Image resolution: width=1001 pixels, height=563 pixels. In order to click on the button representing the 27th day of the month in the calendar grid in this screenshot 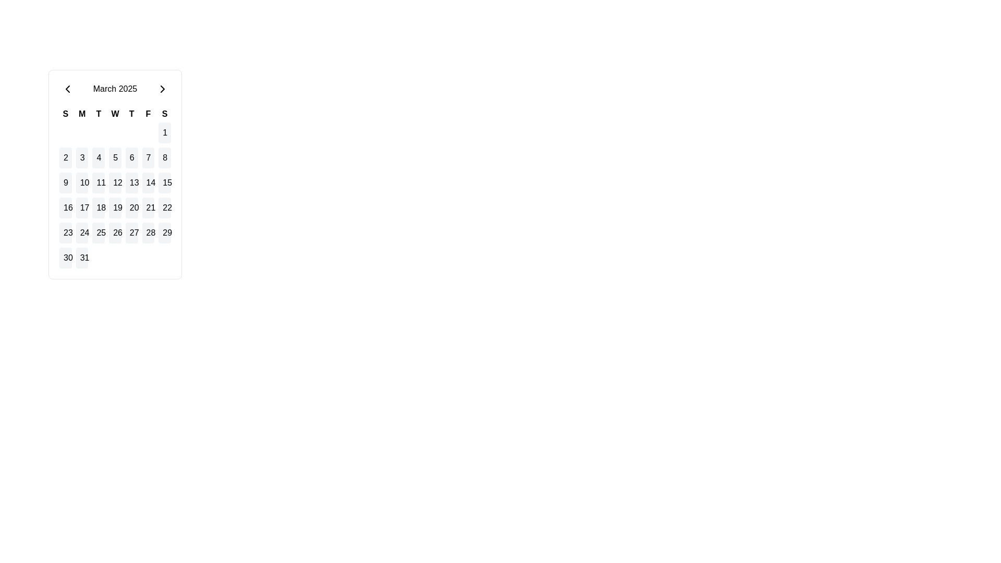, I will do `click(131, 232)`.